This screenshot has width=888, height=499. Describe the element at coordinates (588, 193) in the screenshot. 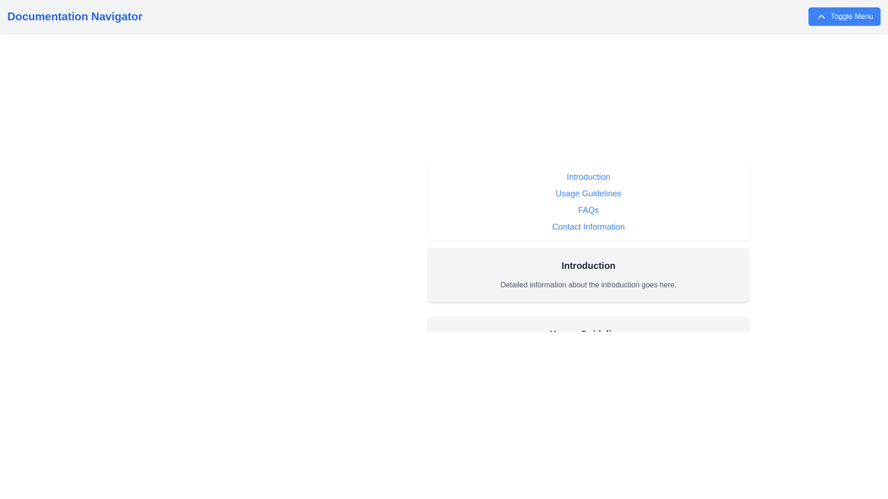

I see `the 'Usage Guidelines' hyperlink, which is the second item in a vertical list of navigation links, to possibly reveal additional effects or tooltips` at that location.